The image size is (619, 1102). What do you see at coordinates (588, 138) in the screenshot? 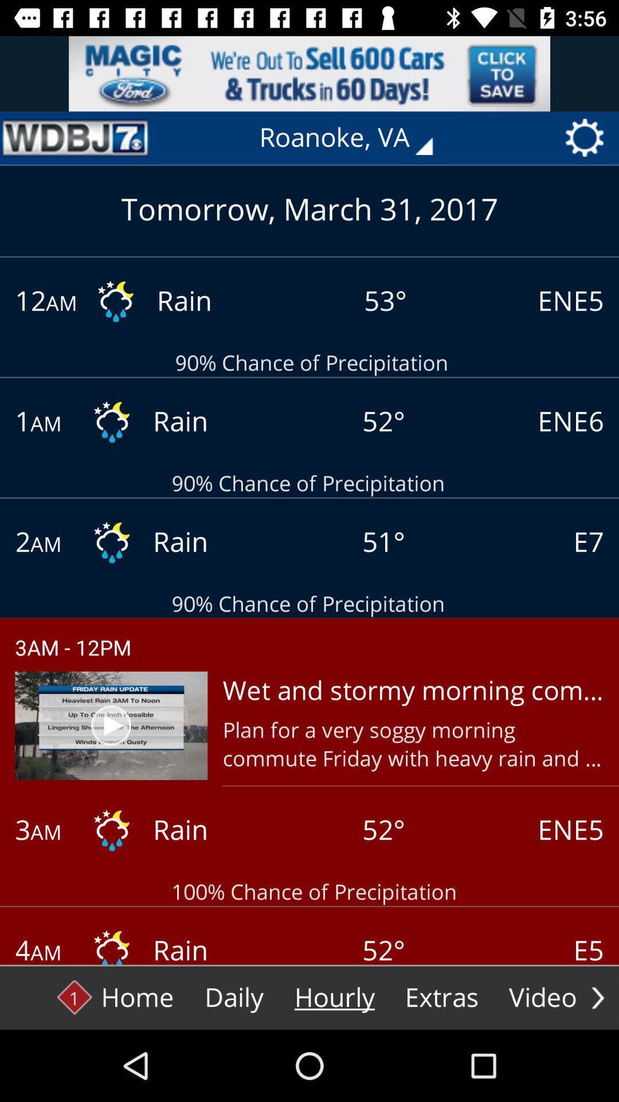
I see `settings icon` at bounding box center [588, 138].